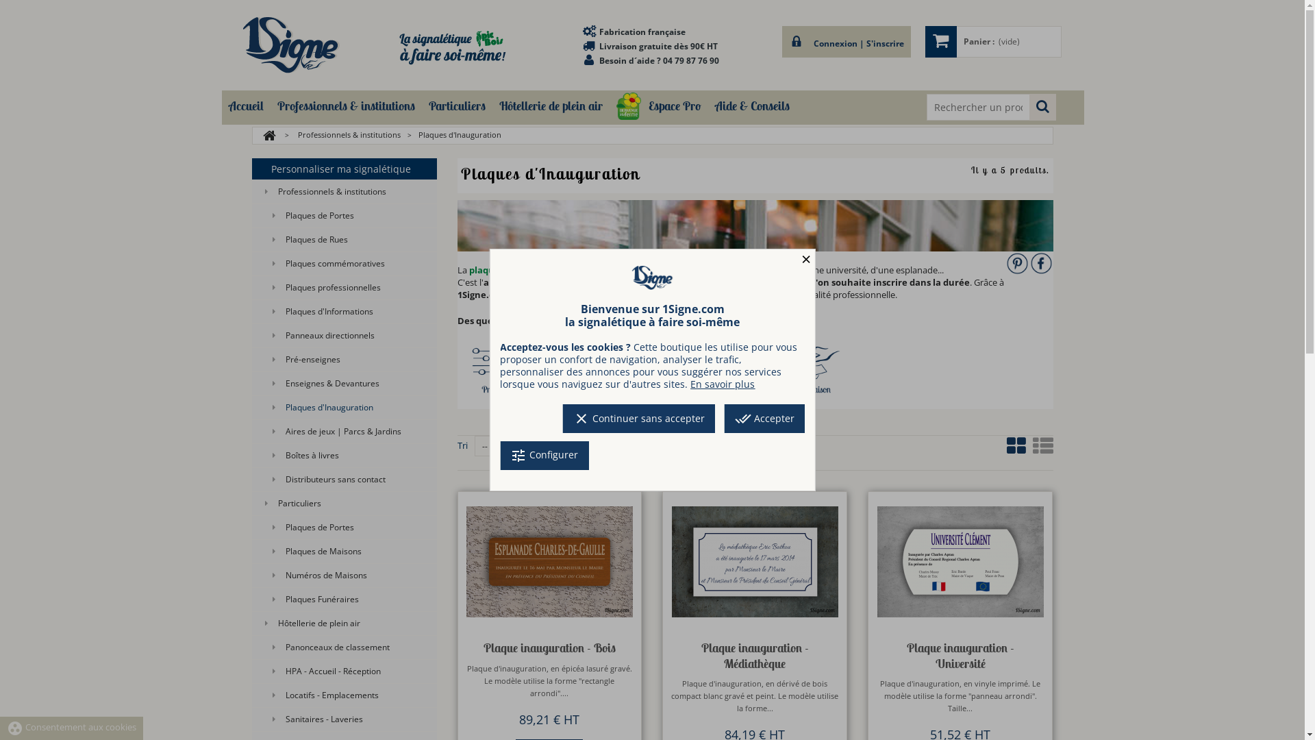  What do you see at coordinates (252, 718) in the screenshot?
I see `'Sanitaires - Laveries'` at bounding box center [252, 718].